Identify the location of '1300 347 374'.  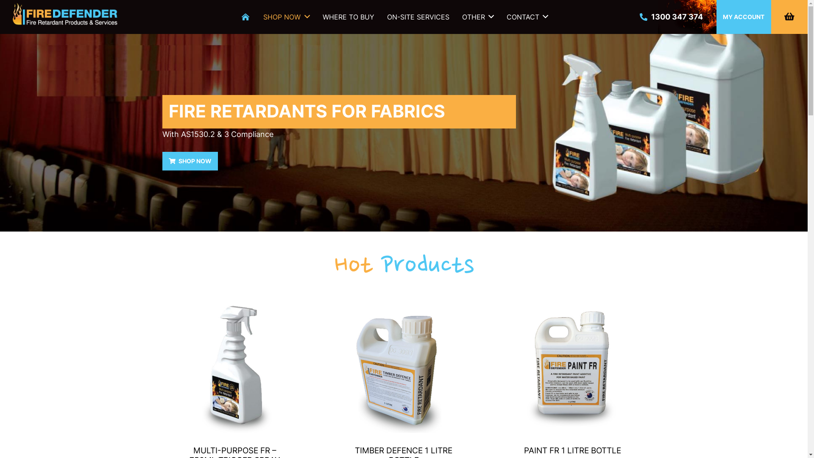
(671, 17).